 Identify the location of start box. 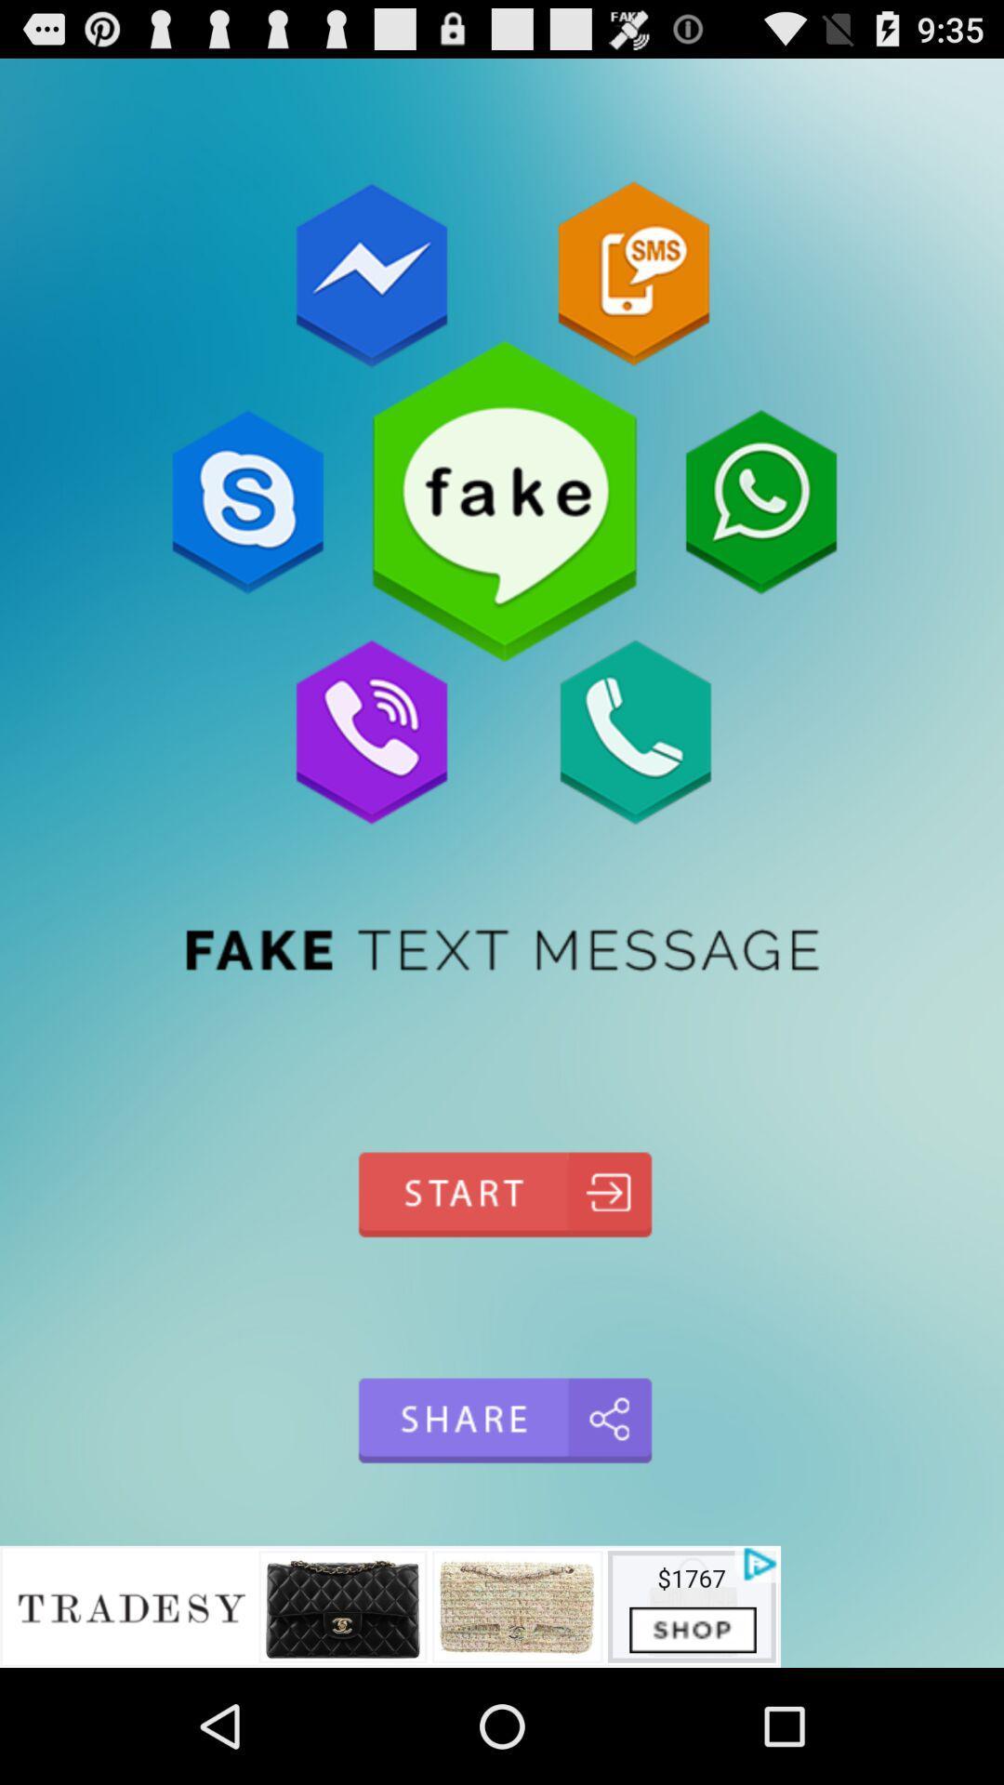
(502, 1195).